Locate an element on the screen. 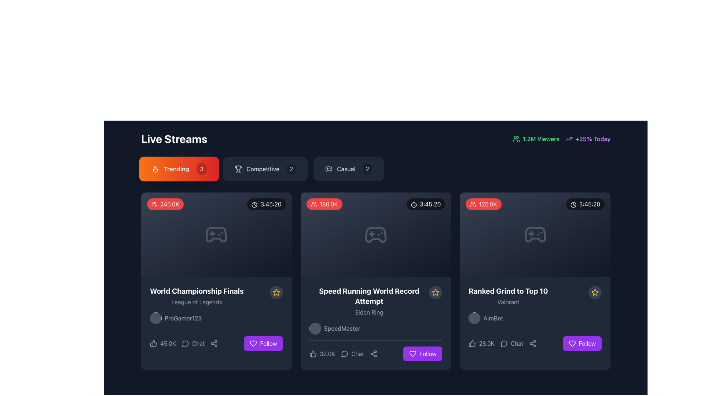  the visual representation of the trophy icon located next to the text 'Competitive', which is the first item in a row of menu icons under the 'Live Streams' heading is located at coordinates (238, 169).